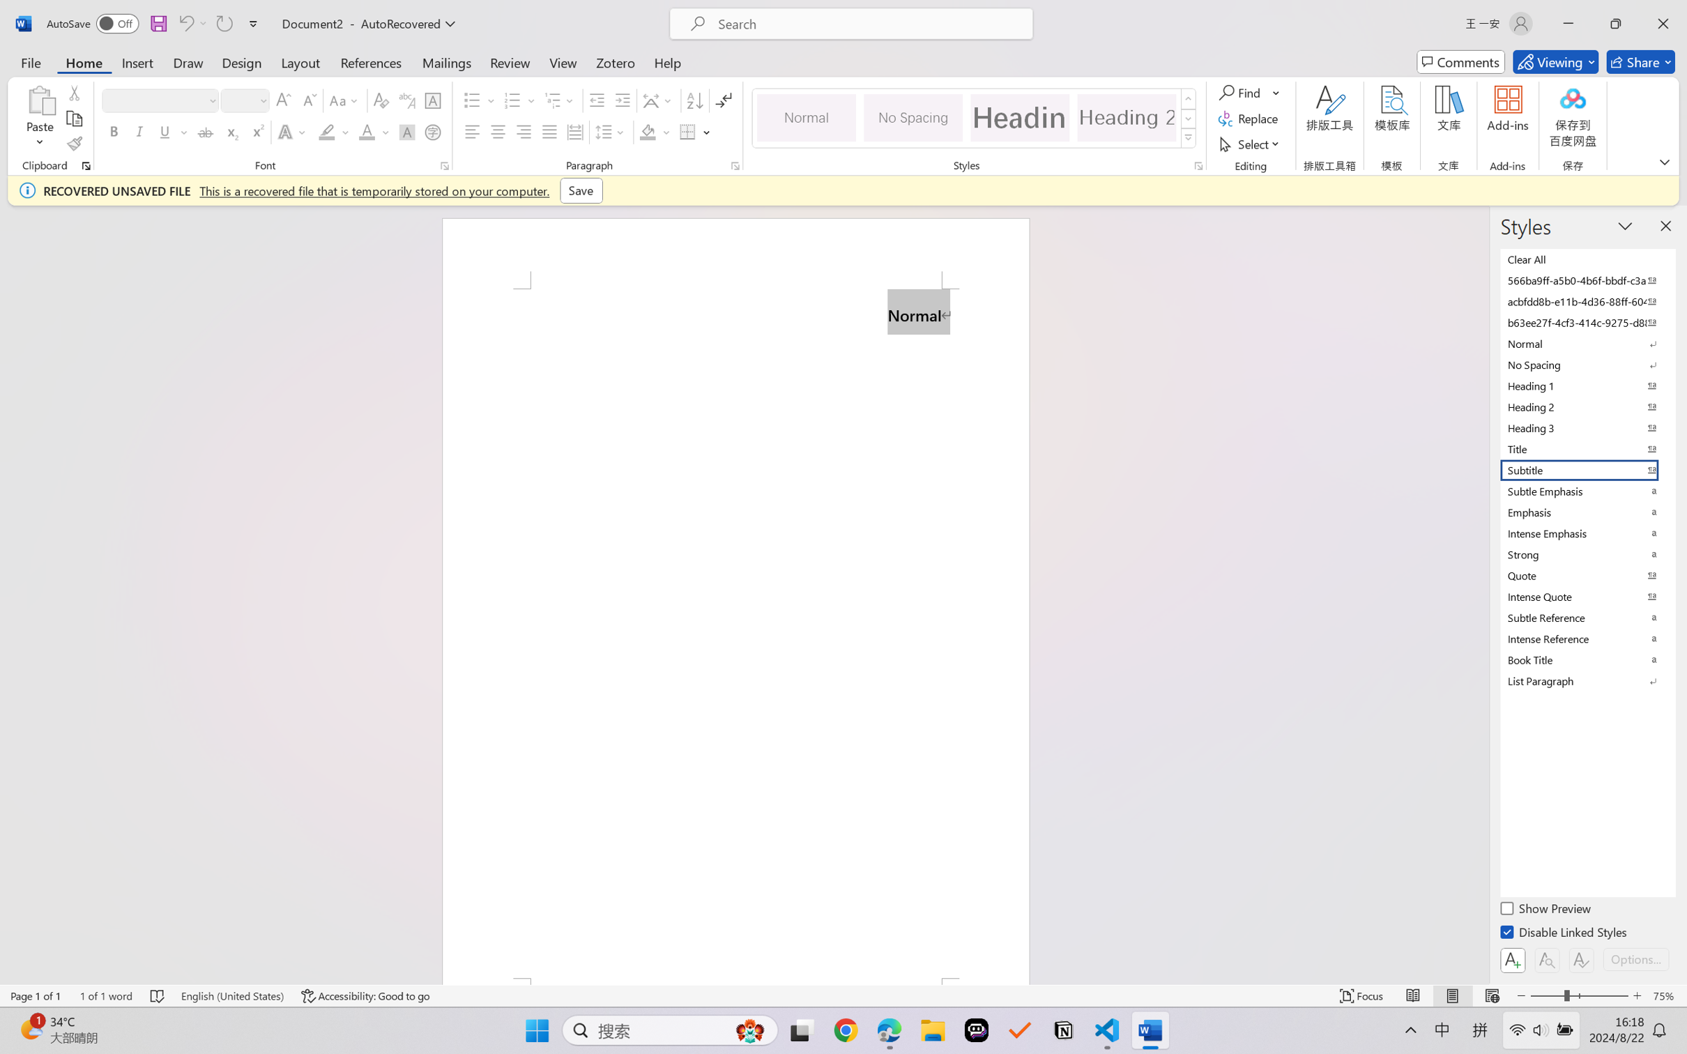 The height and width of the screenshot is (1054, 1687). Describe the element at coordinates (73, 119) in the screenshot. I see `'Copy'` at that location.